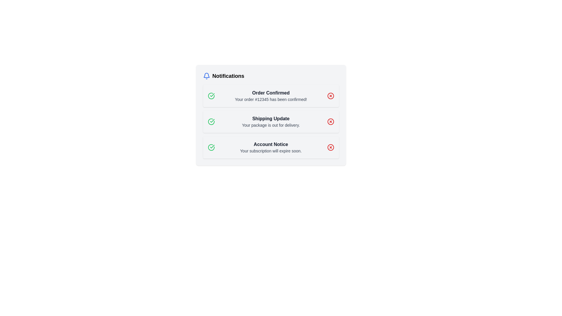 The image size is (562, 316). I want to click on the green circular outline of the check icon in the third entry of the notification list, which indicates a positive status, so click(211, 147).